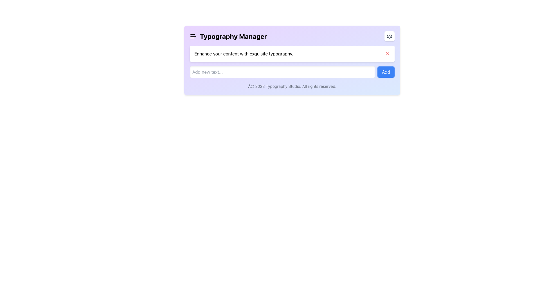 The width and height of the screenshot is (540, 304). What do you see at coordinates (389, 36) in the screenshot?
I see `the settings icon located at the top-right corner of the interface` at bounding box center [389, 36].